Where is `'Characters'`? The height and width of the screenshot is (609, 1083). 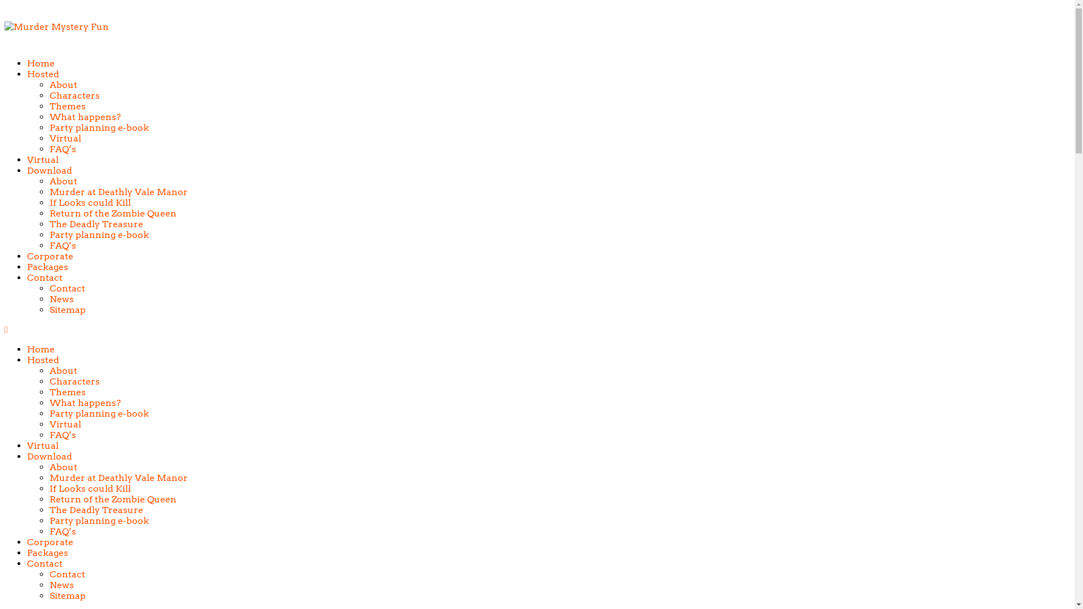 'Characters' is located at coordinates (74, 95).